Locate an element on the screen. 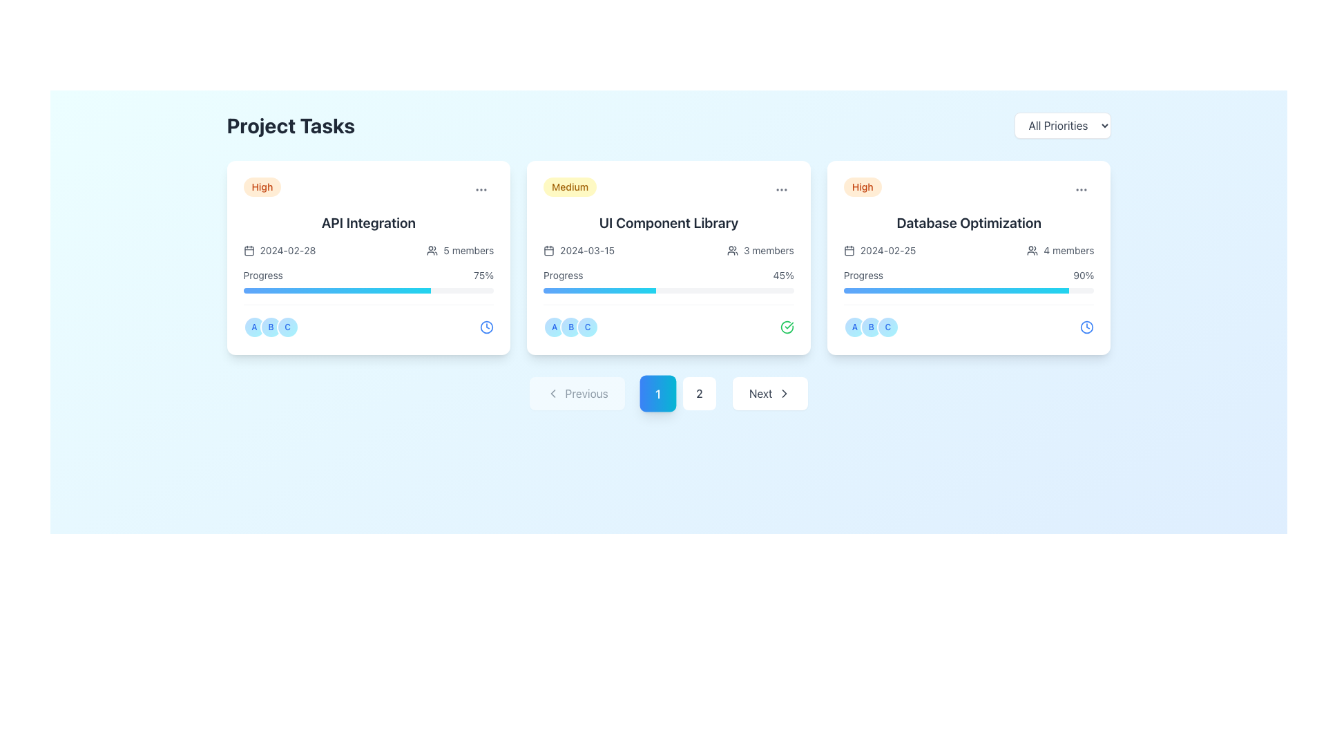  progress is located at coordinates (1030, 289).